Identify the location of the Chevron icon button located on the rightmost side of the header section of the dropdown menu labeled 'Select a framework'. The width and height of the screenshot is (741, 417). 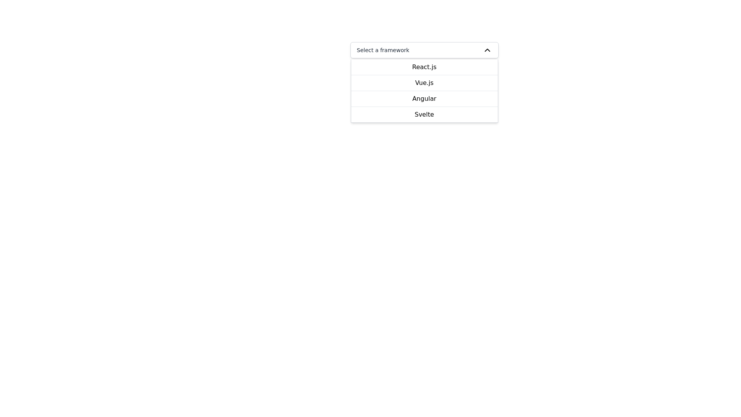
(487, 50).